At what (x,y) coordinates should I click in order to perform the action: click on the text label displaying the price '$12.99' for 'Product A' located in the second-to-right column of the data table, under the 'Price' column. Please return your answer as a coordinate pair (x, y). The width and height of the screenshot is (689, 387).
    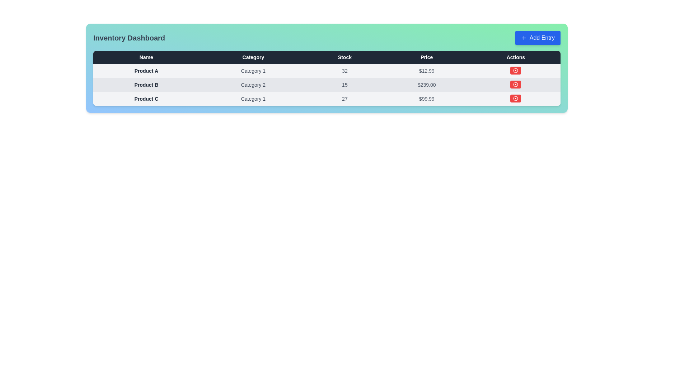
    Looking at the image, I should click on (427, 71).